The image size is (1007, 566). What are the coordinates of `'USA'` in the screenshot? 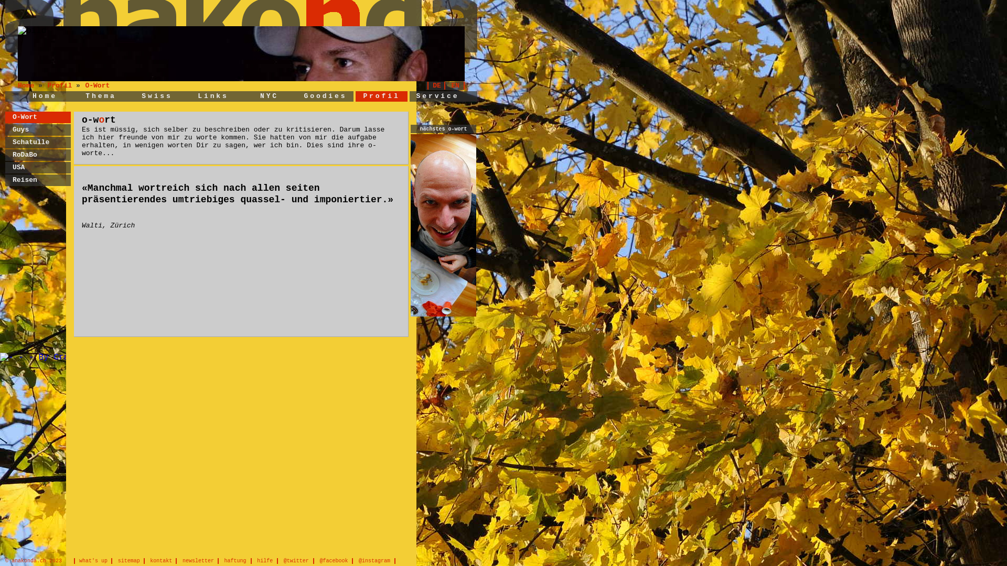 It's located at (18, 167).